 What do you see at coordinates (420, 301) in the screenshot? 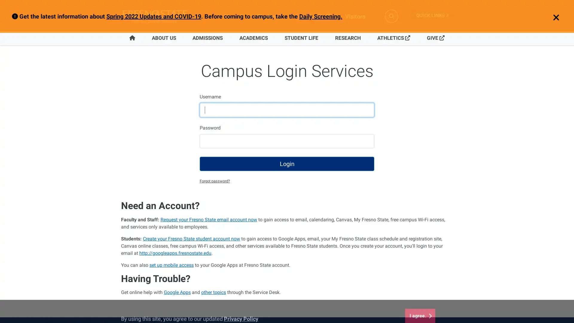
I see `dismiss cookie message` at bounding box center [420, 301].